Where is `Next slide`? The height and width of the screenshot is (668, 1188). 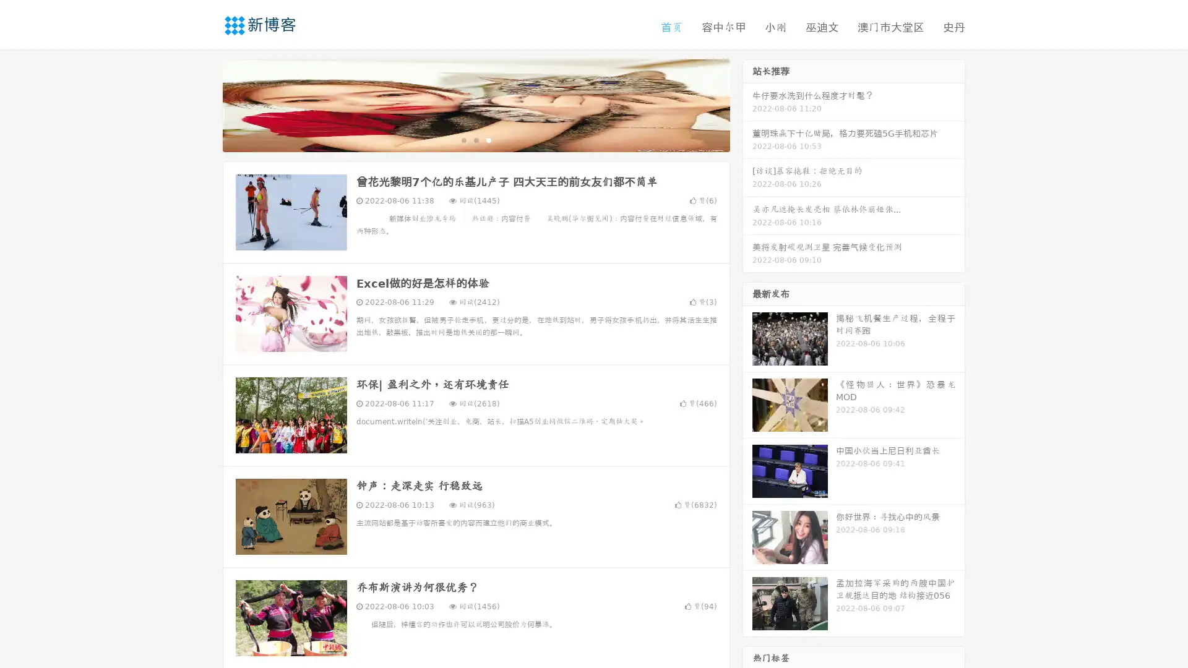 Next slide is located at coordinates (747, 104).